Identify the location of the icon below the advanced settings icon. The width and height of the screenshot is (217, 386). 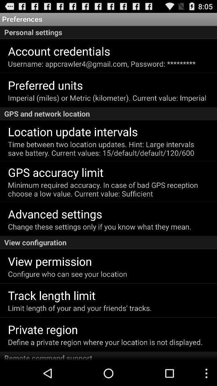
(100, 226).